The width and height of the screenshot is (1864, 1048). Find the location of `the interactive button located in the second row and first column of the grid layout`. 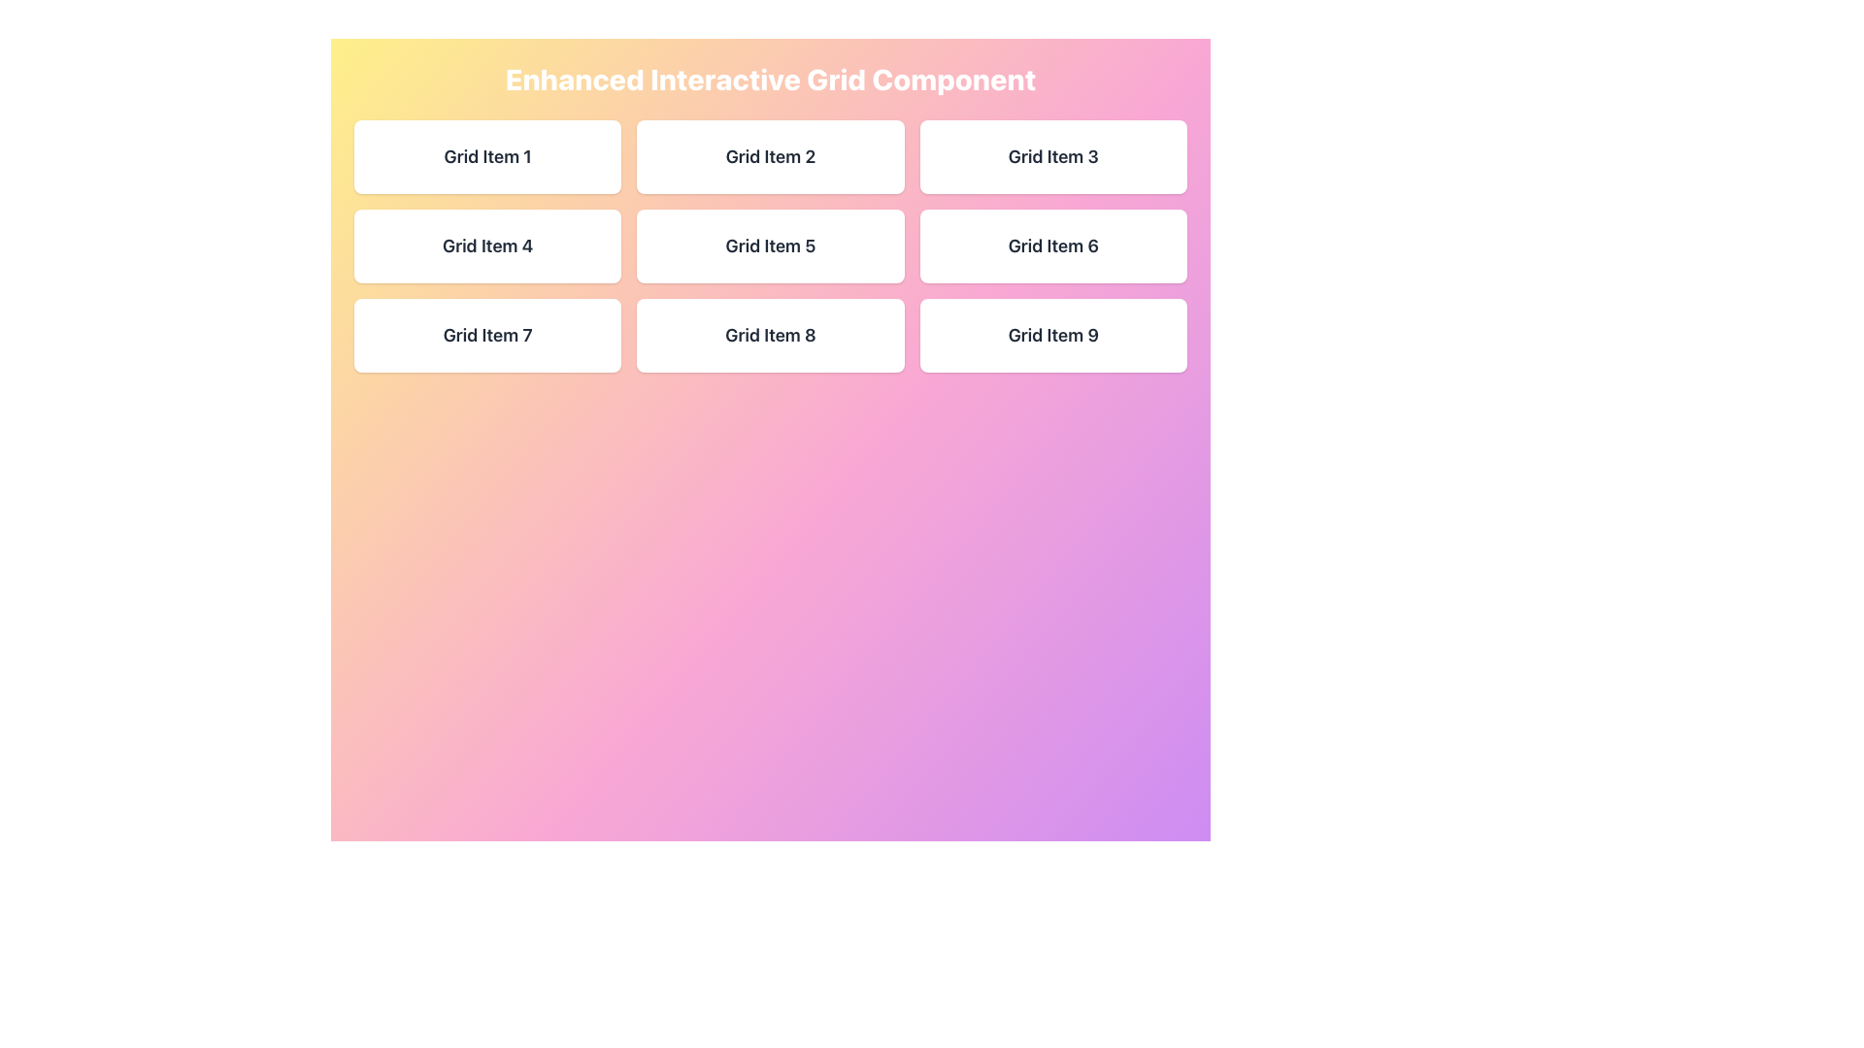

the interactive button located in the second row and first column of the grid layout is located at coordinates (487, 246).